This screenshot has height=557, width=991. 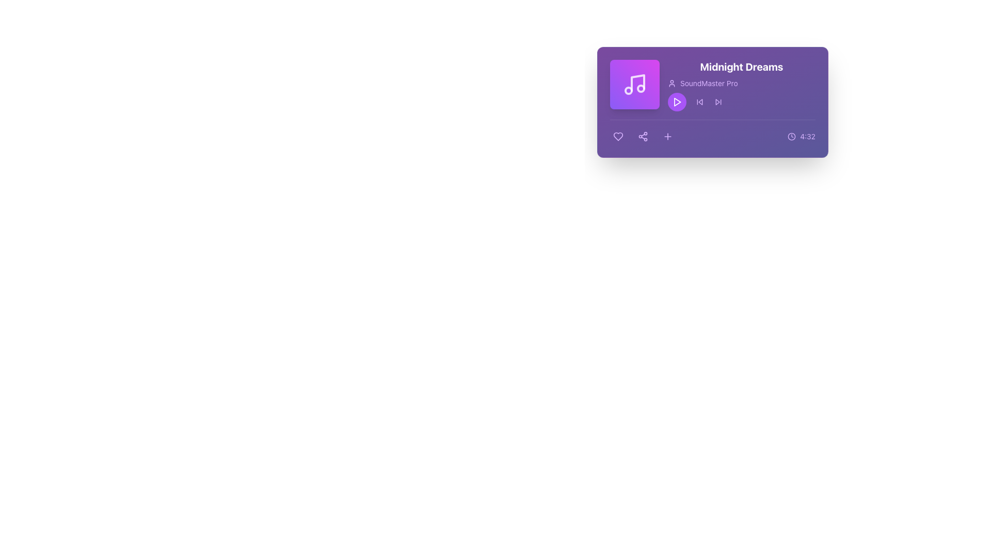 What do you see at coordinates (618, 136) in the screenshot?
I see `the heart-shaped 'Like' button, which is the first icon on the left side in a row of three icons below the main content of a music card` at bounding box center [618, 136].